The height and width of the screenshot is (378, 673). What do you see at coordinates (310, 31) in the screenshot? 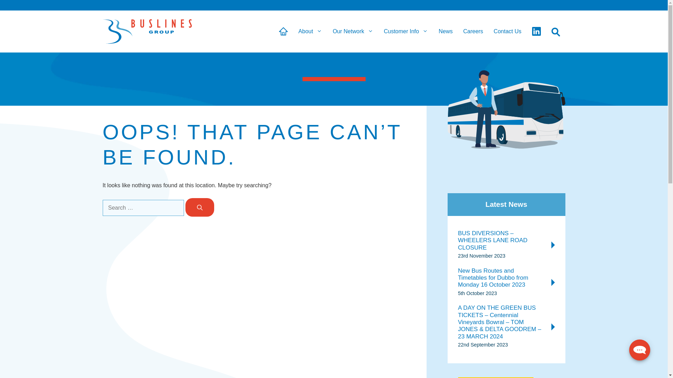
I see `'About'` at bounding box center [310, 31].